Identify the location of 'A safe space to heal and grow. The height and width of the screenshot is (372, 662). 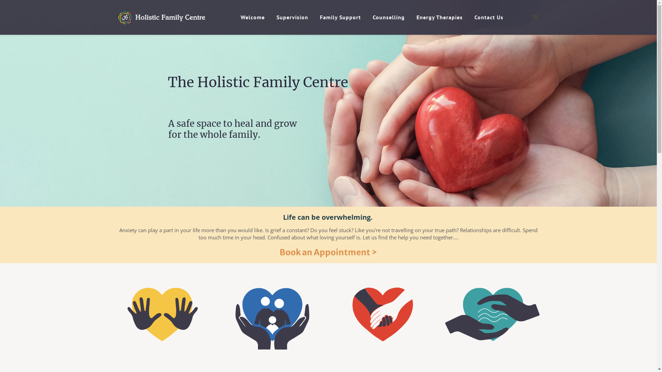
(232, 134).